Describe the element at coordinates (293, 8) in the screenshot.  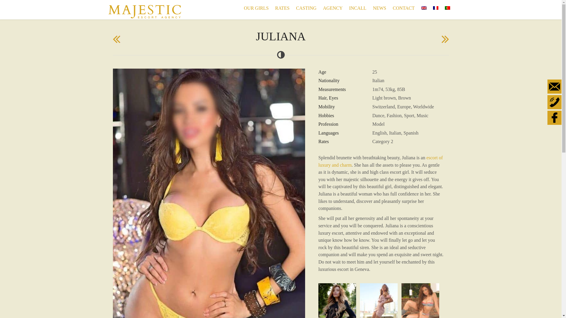
I see `'CASTING'` at that location.